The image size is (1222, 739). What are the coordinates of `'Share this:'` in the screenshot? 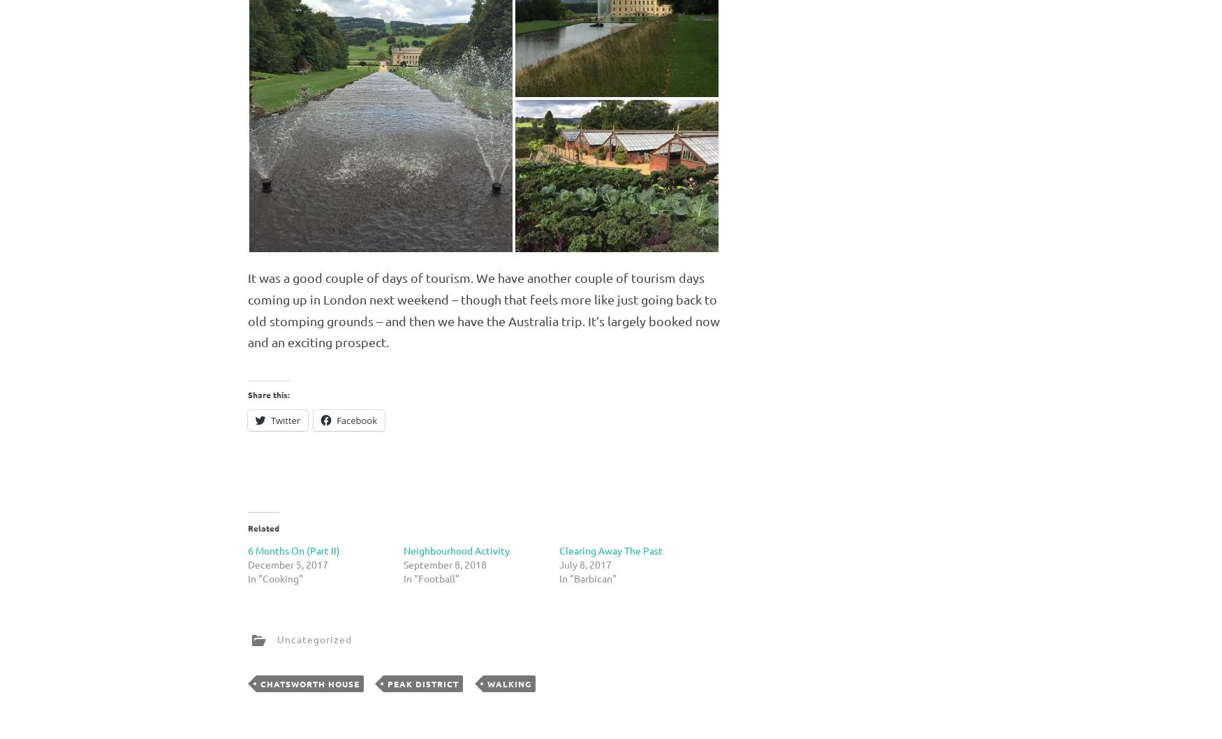 It's located at (268, 394).